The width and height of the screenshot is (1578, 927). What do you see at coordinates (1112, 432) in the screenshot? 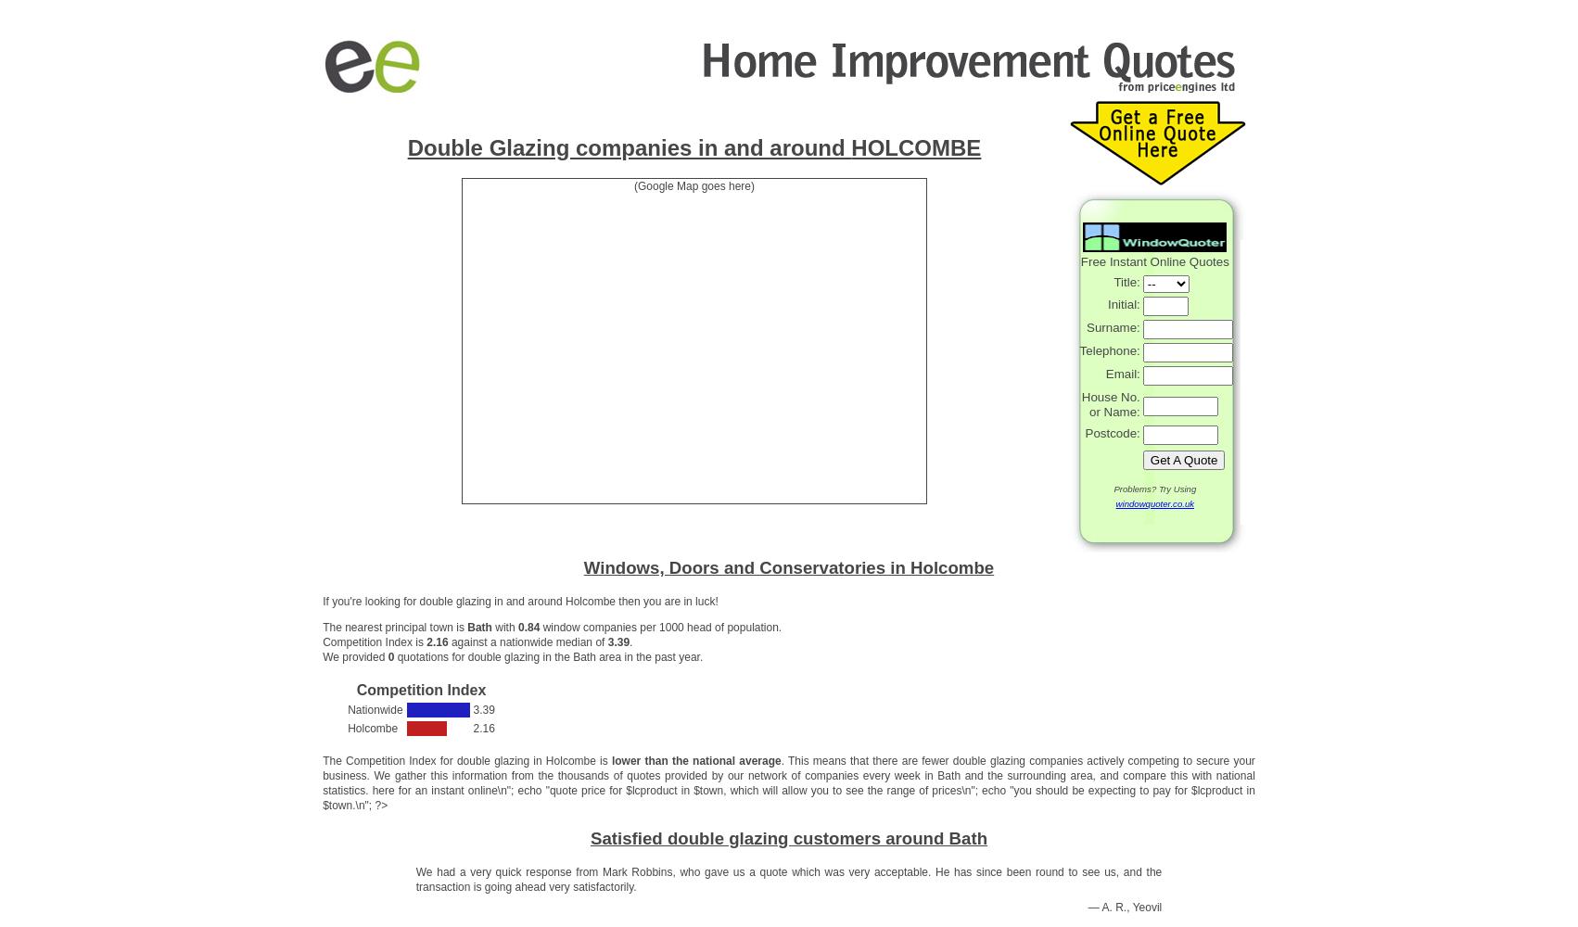
I see `'Postcode:'` at bounding box center [1112, 432].